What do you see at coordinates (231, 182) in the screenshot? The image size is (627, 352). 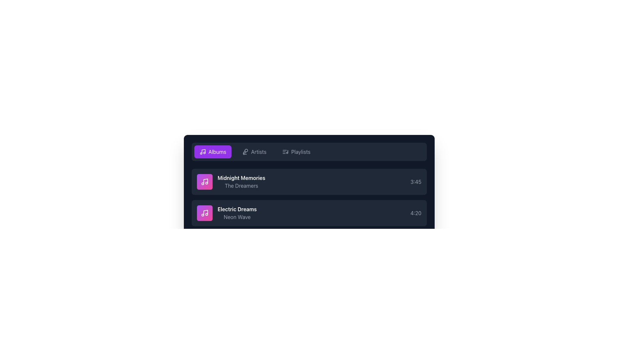 I see `the music track title and artist name displayed in the playlist interface, specifically the second item from the top` at bounding box center [231, 182].